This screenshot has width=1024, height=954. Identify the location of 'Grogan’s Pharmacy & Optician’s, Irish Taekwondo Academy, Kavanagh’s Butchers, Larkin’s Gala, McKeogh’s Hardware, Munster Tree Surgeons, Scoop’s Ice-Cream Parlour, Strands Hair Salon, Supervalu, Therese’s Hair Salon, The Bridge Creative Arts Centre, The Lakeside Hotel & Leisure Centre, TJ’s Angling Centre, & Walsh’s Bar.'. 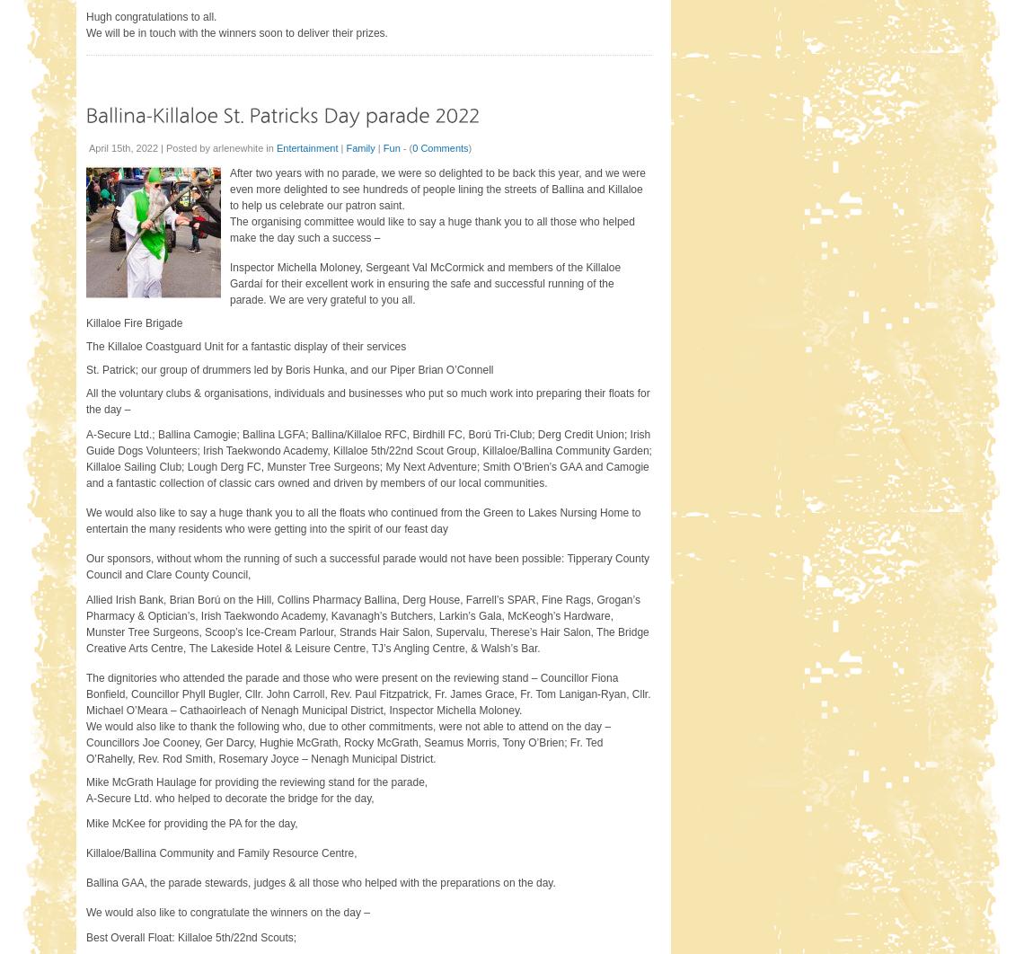
(366, 623).